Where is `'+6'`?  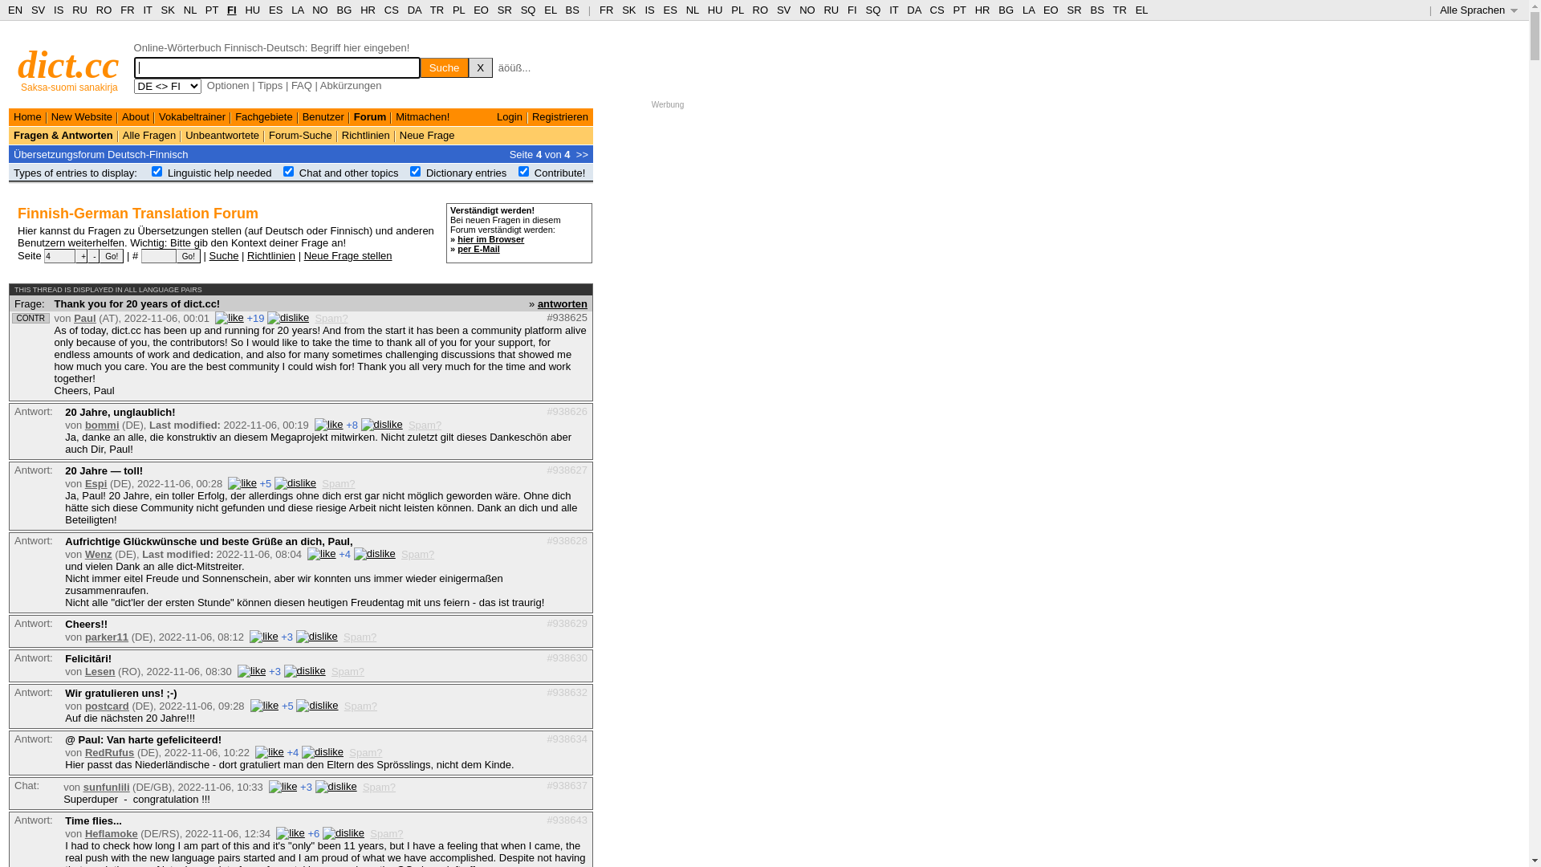
'+6' is located at coordinates (313, 832).